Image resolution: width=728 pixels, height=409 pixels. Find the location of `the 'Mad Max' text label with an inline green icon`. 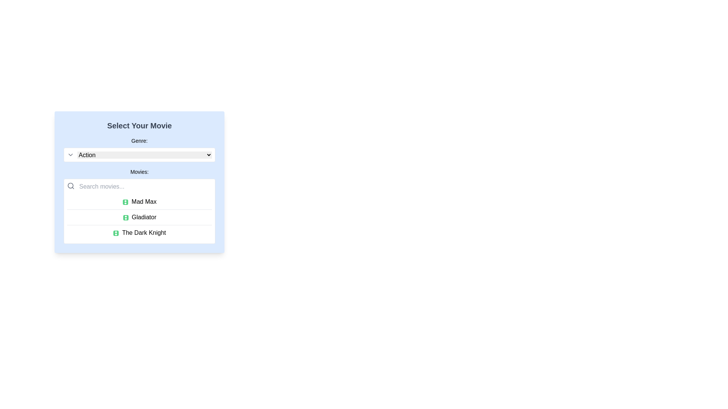

the 'Mad Max' text label with an inline green icon is located at coordinates (140, 201).